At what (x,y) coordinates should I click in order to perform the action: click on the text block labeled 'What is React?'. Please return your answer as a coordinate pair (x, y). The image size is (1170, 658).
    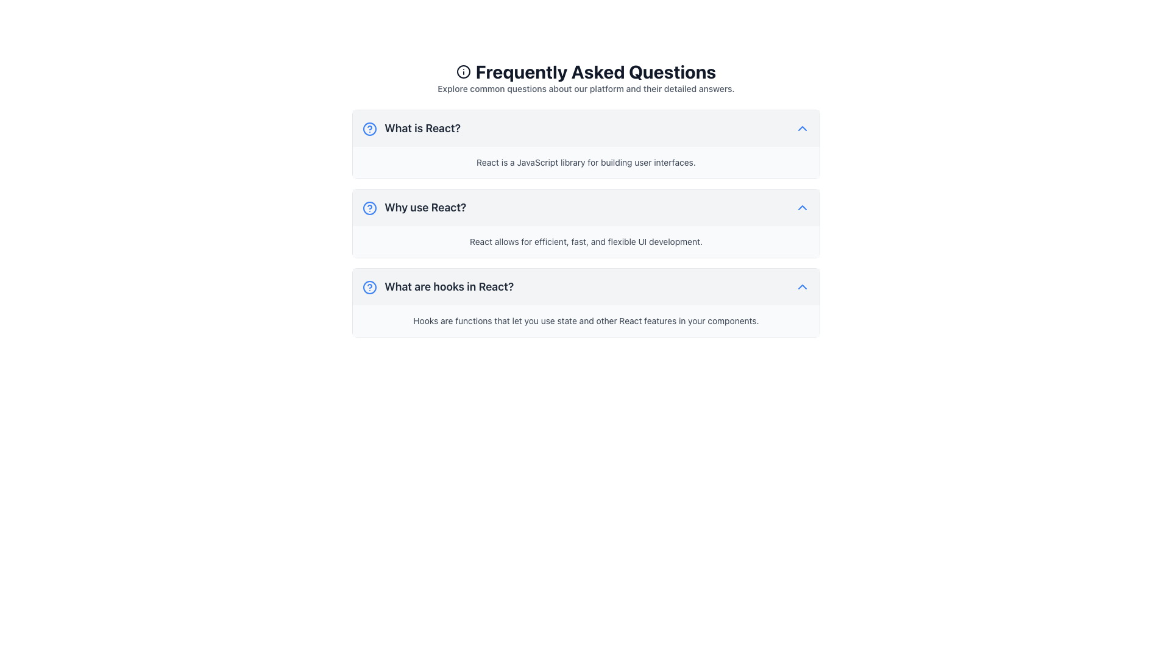
    Looking at the image, I should click on (411, 129).